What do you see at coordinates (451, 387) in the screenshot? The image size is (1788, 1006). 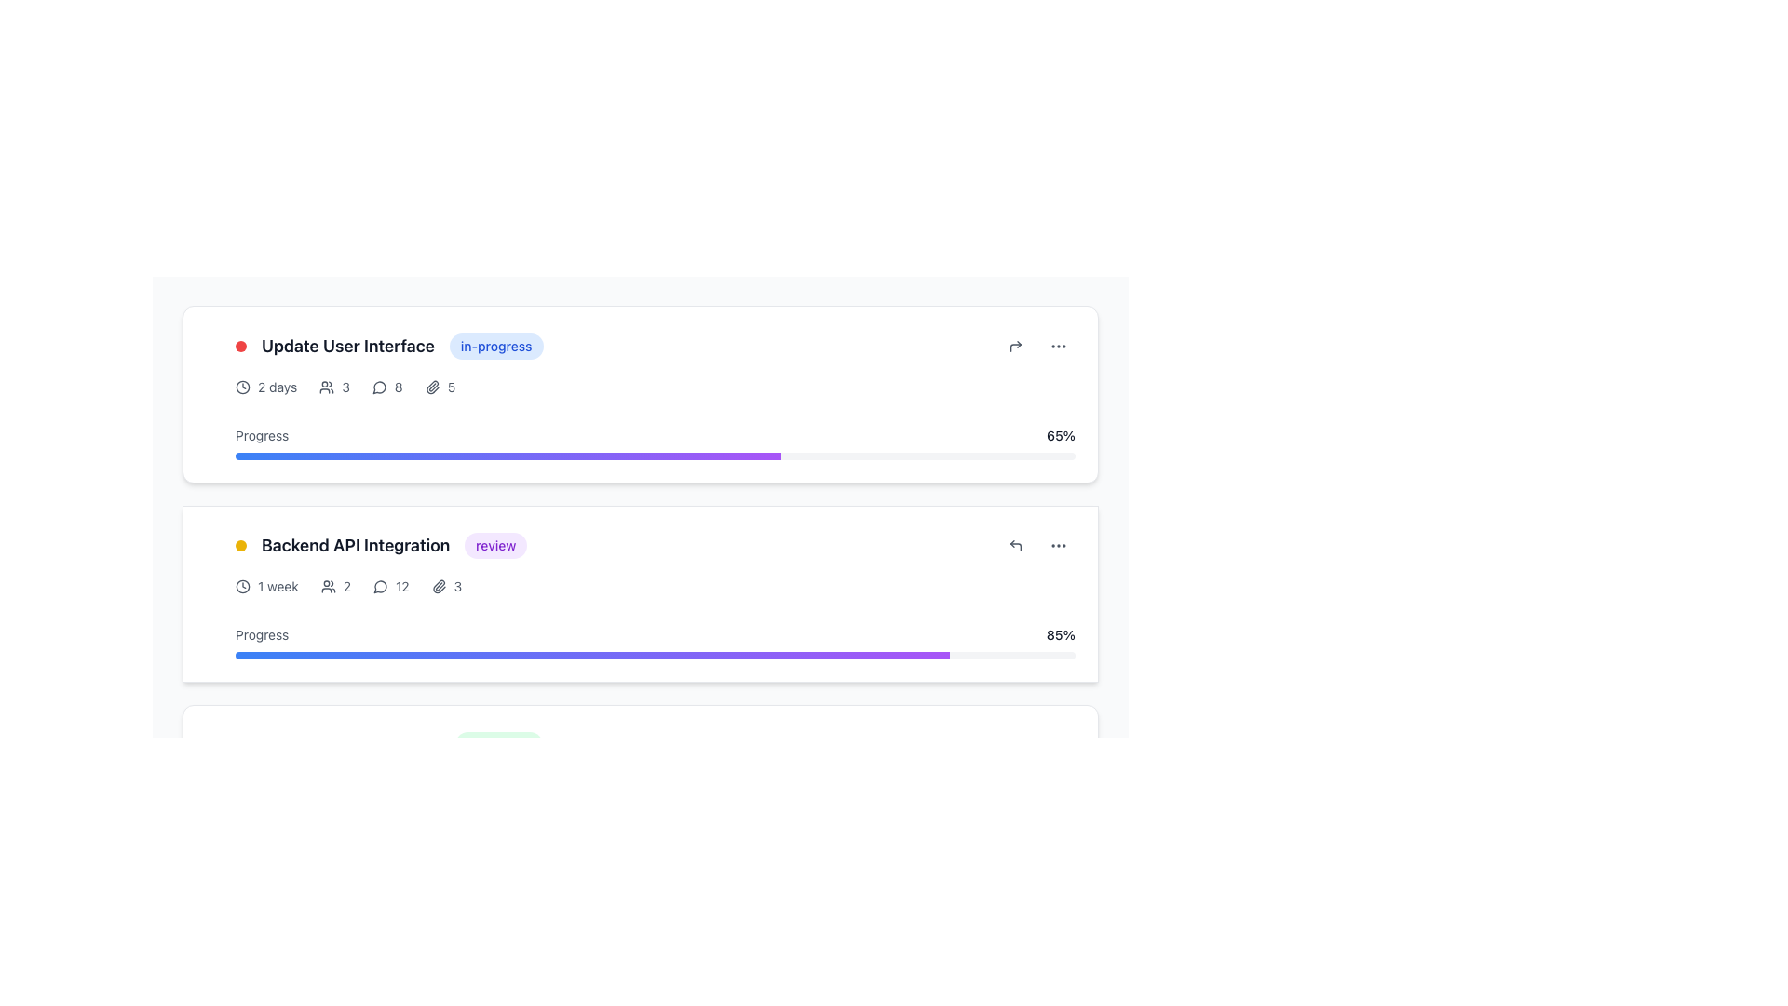 I see `numeric information displayed as the small numeral '5' in a standard sans-serif font, which is located on the right-hand side of the 'Update User Interface' task card` at bounding box center [451, 387].